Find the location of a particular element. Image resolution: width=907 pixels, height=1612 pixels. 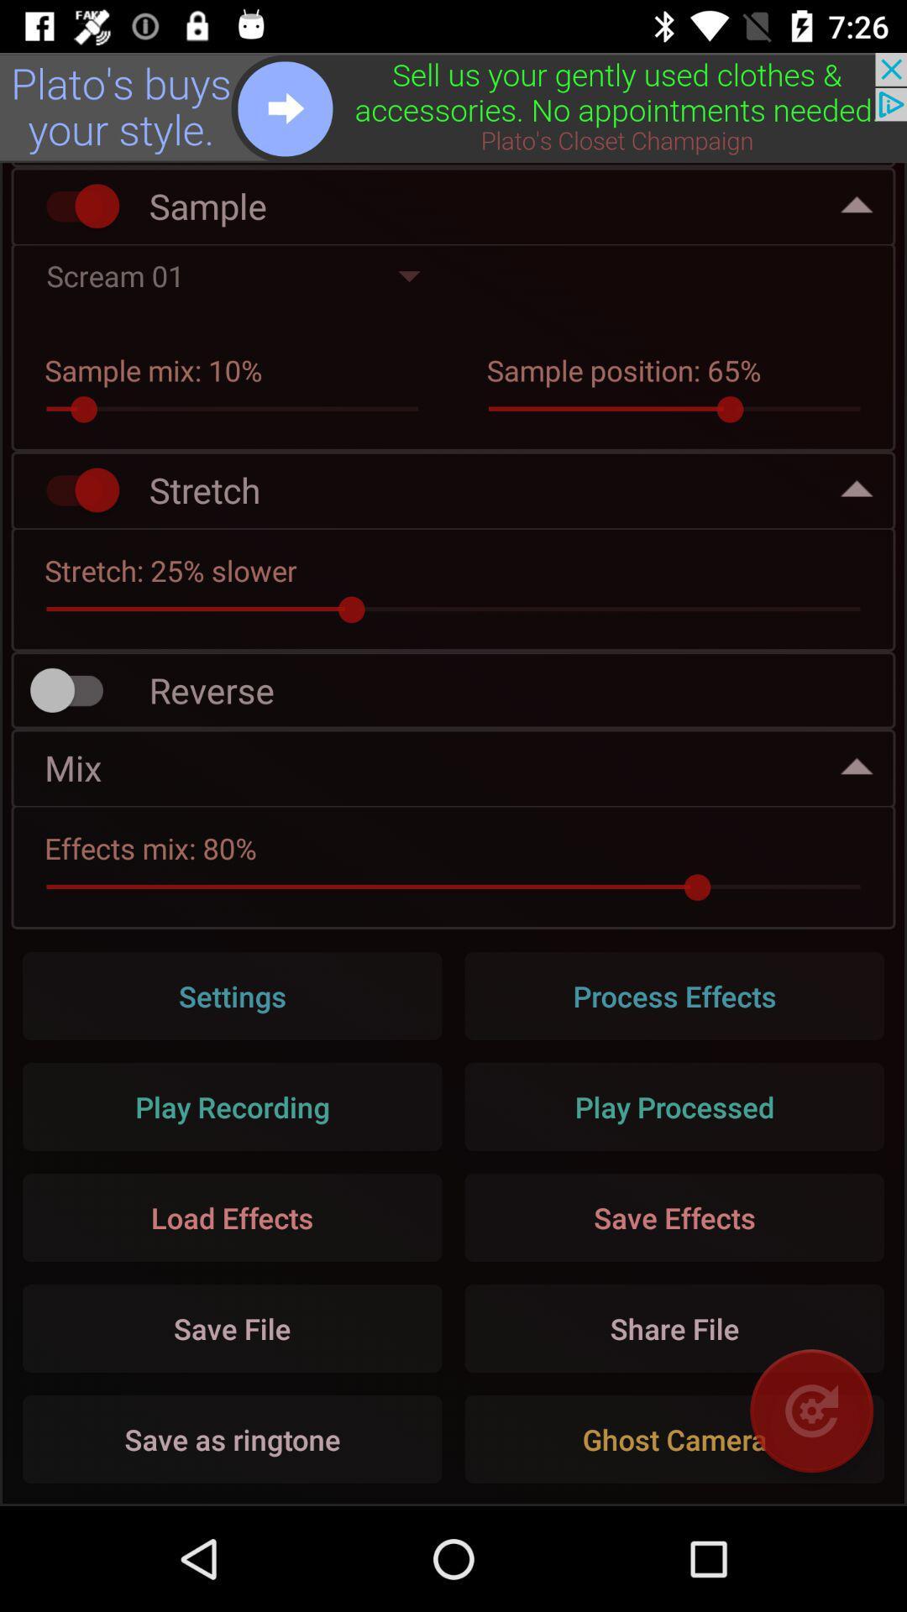

reverse recording is located at coordinates (74, 690).